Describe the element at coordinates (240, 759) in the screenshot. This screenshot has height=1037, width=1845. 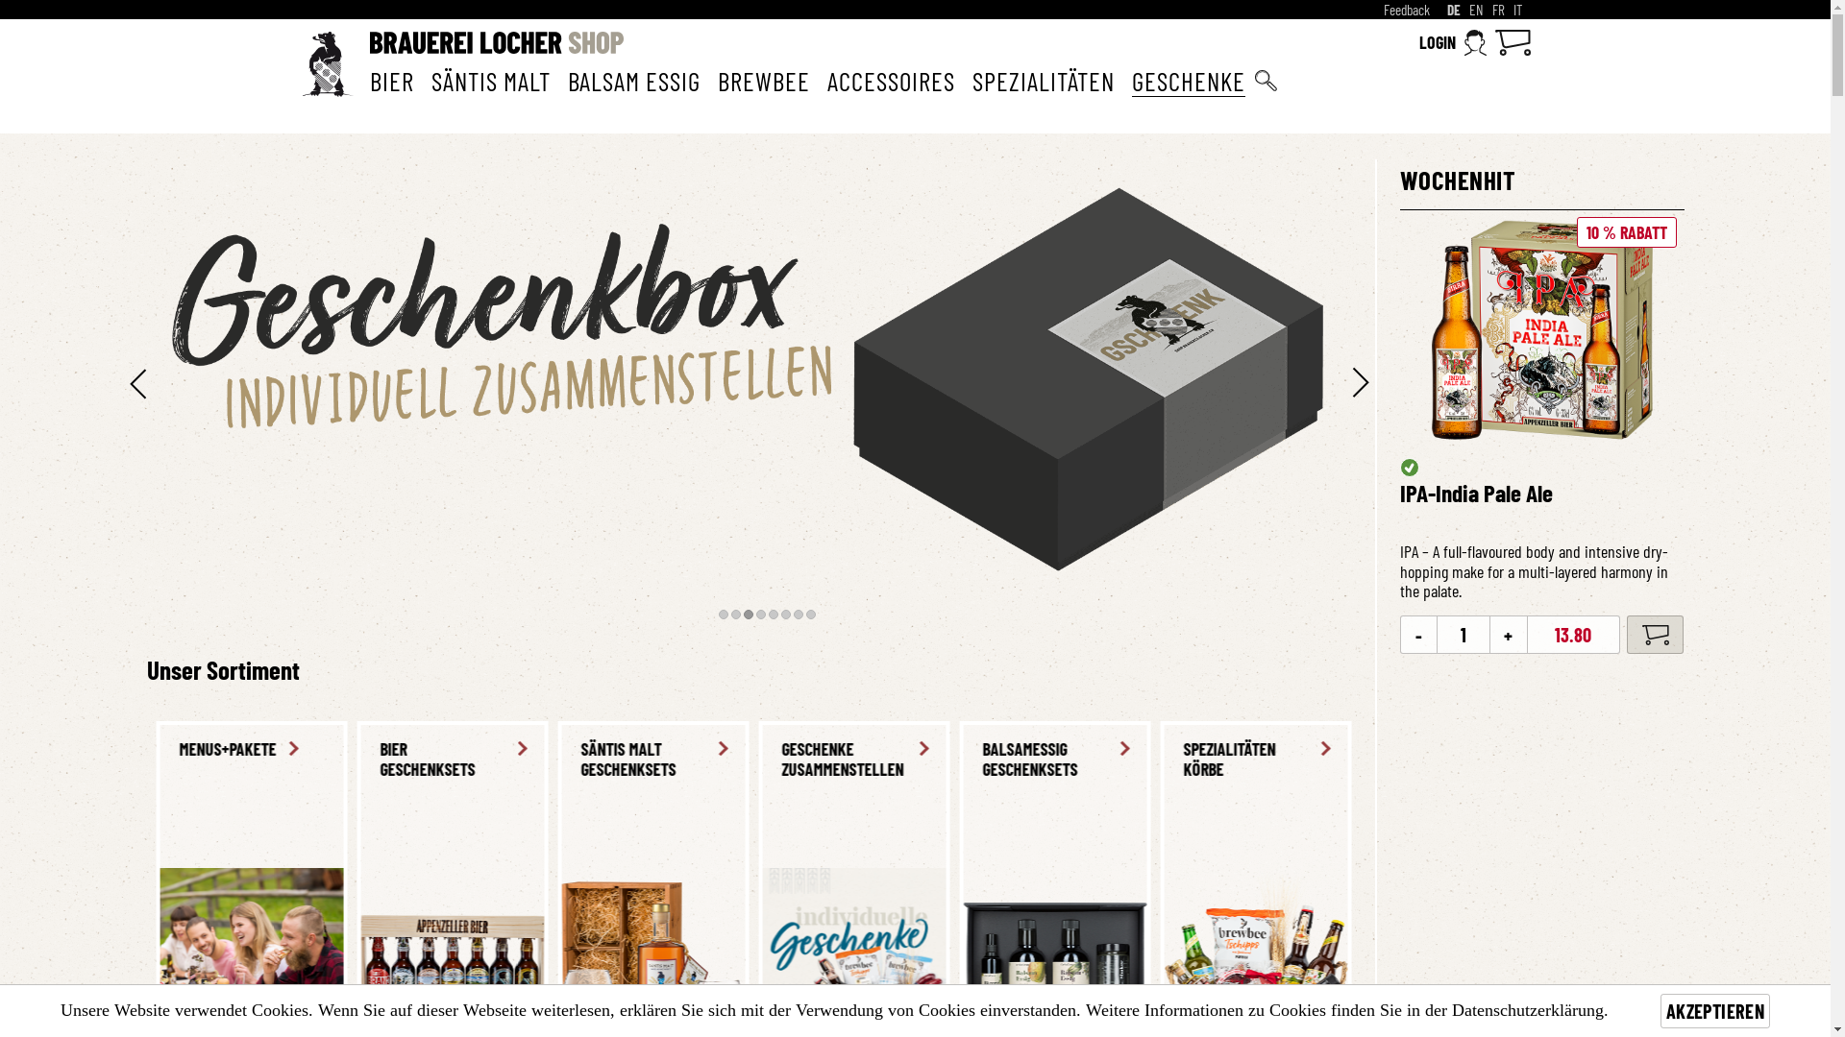
I see `'BALSAMESSIG GESCHENKSETS'` at that location.